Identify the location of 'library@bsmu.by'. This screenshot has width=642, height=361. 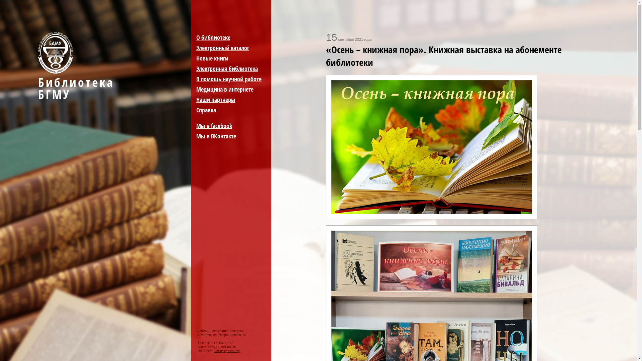
(227, 350).